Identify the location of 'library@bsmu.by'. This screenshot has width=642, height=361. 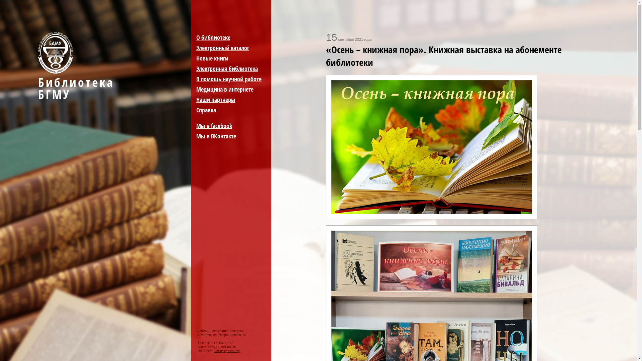
(227, 350).